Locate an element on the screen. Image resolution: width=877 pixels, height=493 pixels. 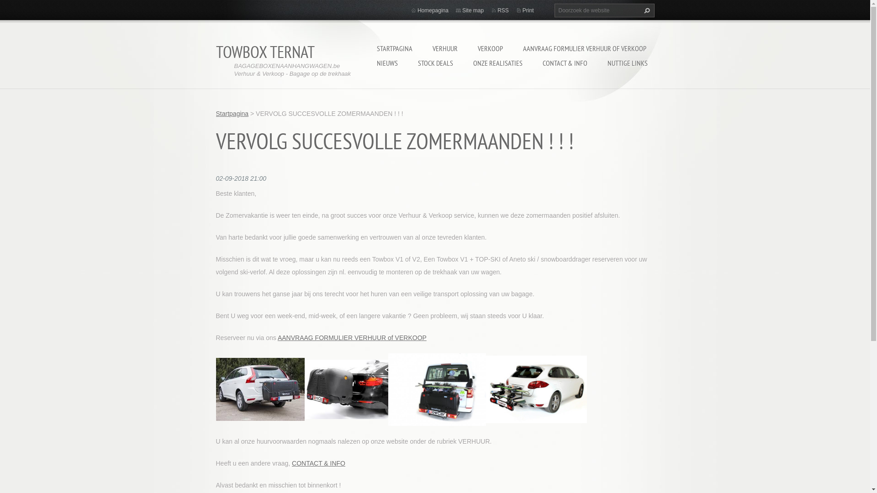
'Zoeken' is located at coordinates (645, 10).